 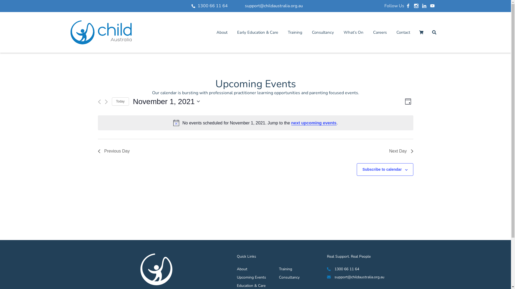 I want to click on 'Contact', so click(x=403, y=32).